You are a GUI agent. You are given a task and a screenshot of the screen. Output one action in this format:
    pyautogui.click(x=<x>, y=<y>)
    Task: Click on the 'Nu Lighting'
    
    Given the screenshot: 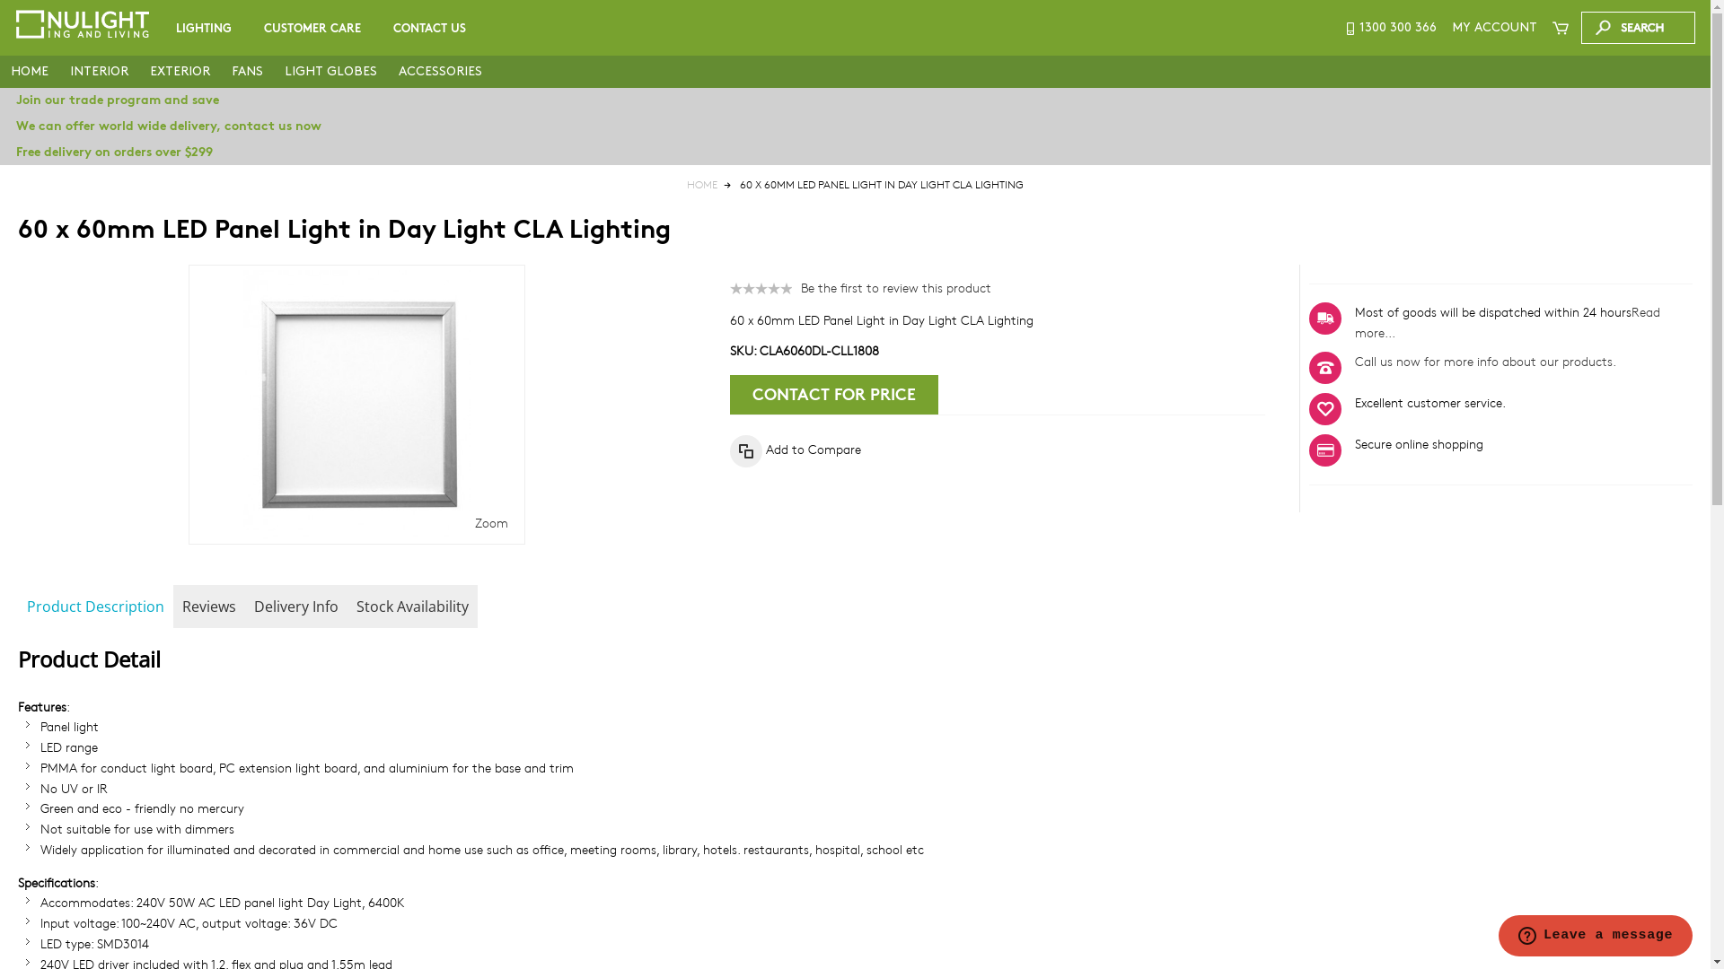 What is the action you would take?
    pyautogui.click(x=81, y=24)
    